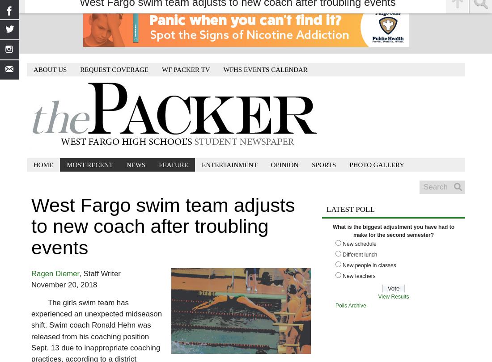  Describe the element at coordinates (64, 284) in the screenshot. I see `'November 20, 2018'` at that location.